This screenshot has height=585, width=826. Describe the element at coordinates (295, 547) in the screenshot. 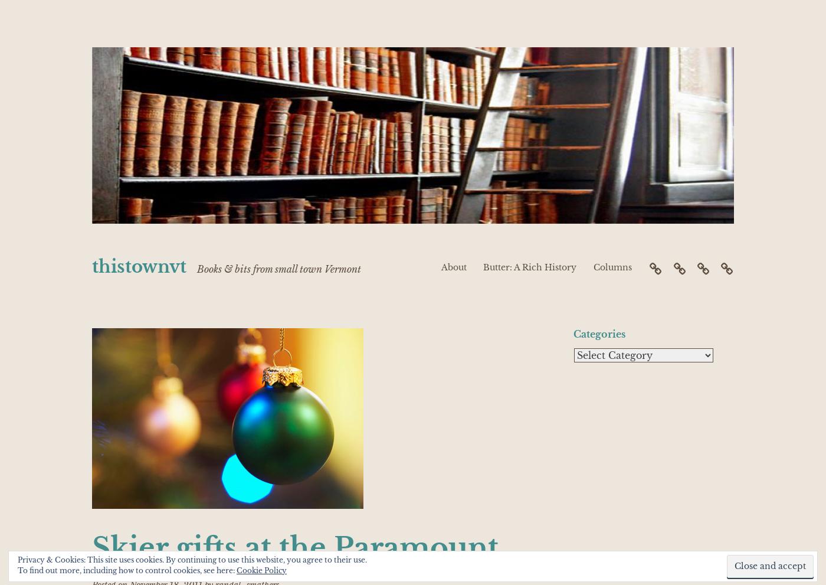

I see `'Skier gifts at the Paramount'` at that location.